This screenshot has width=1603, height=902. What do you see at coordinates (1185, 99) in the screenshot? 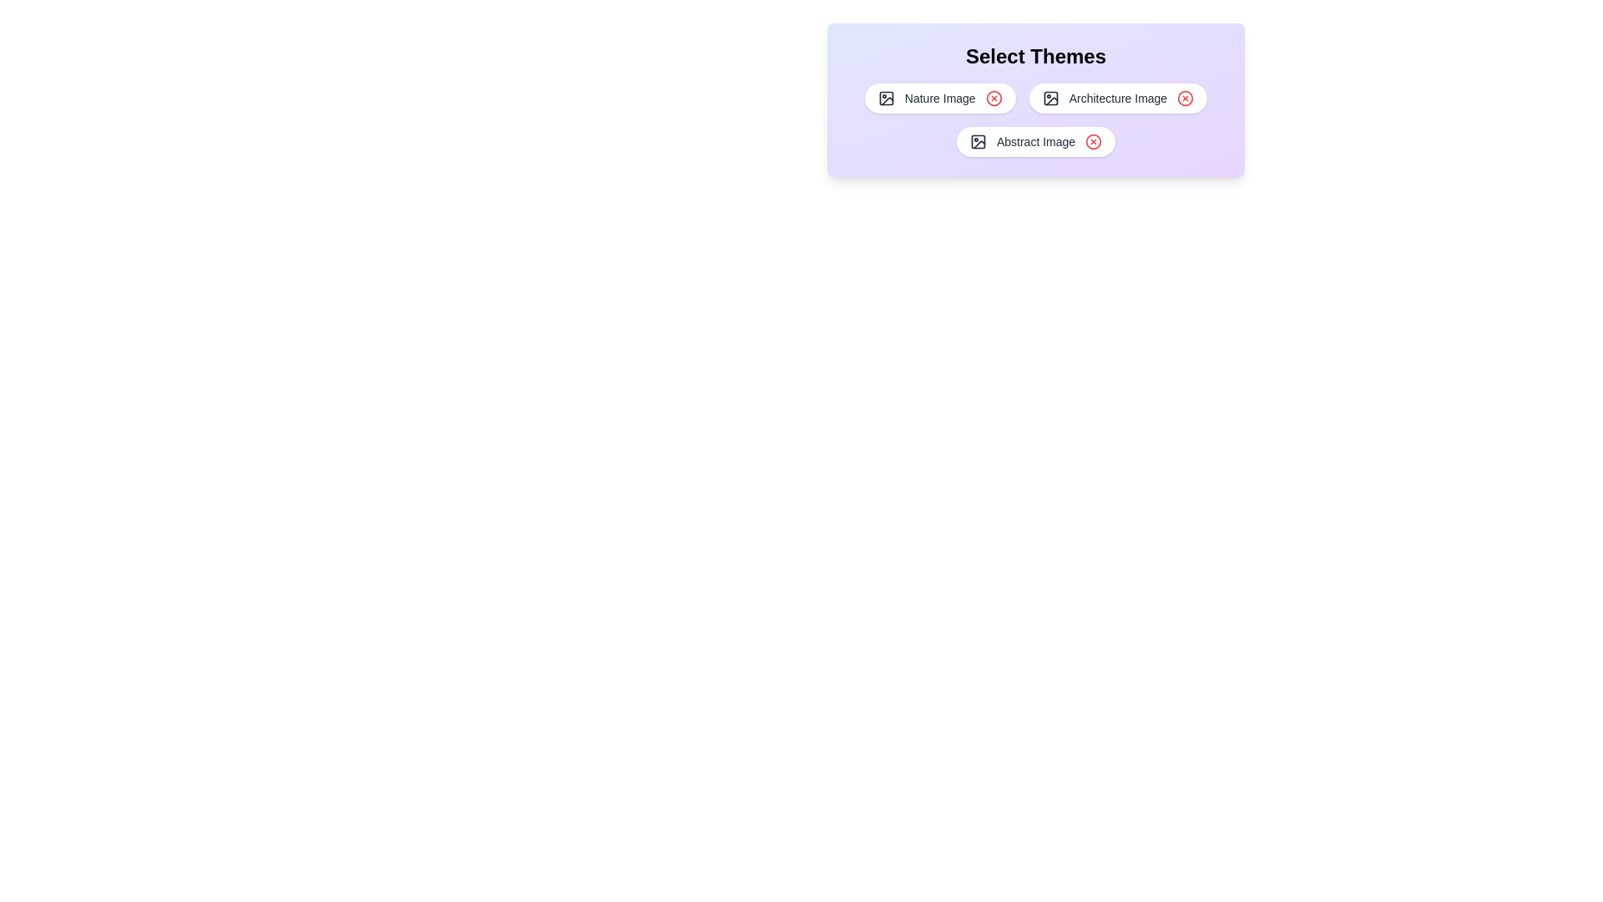
I see `the chip labeled Architecture Image by clicking its close button` at bounding box center [1185, 99].